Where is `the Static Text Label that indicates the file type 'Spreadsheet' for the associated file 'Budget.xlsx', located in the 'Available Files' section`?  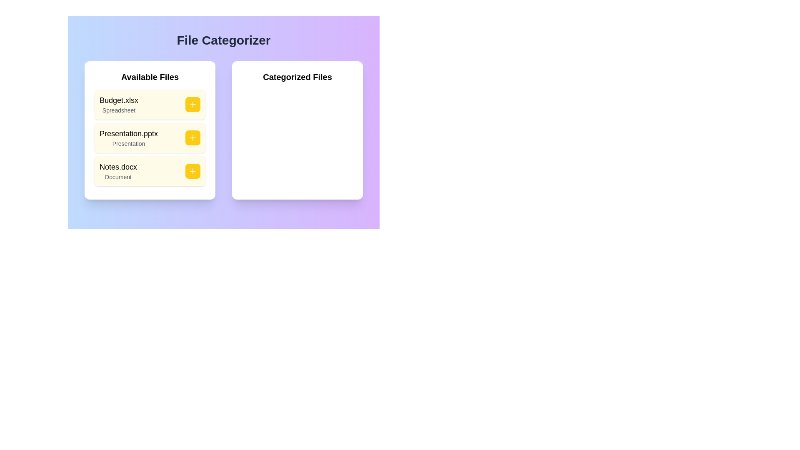
the Static Text Label that indicates the file type 'Spreadsheet' for the associated file 'Budget.xlsx', located in the 'Available Files' section is located at coordinates (118, 110).